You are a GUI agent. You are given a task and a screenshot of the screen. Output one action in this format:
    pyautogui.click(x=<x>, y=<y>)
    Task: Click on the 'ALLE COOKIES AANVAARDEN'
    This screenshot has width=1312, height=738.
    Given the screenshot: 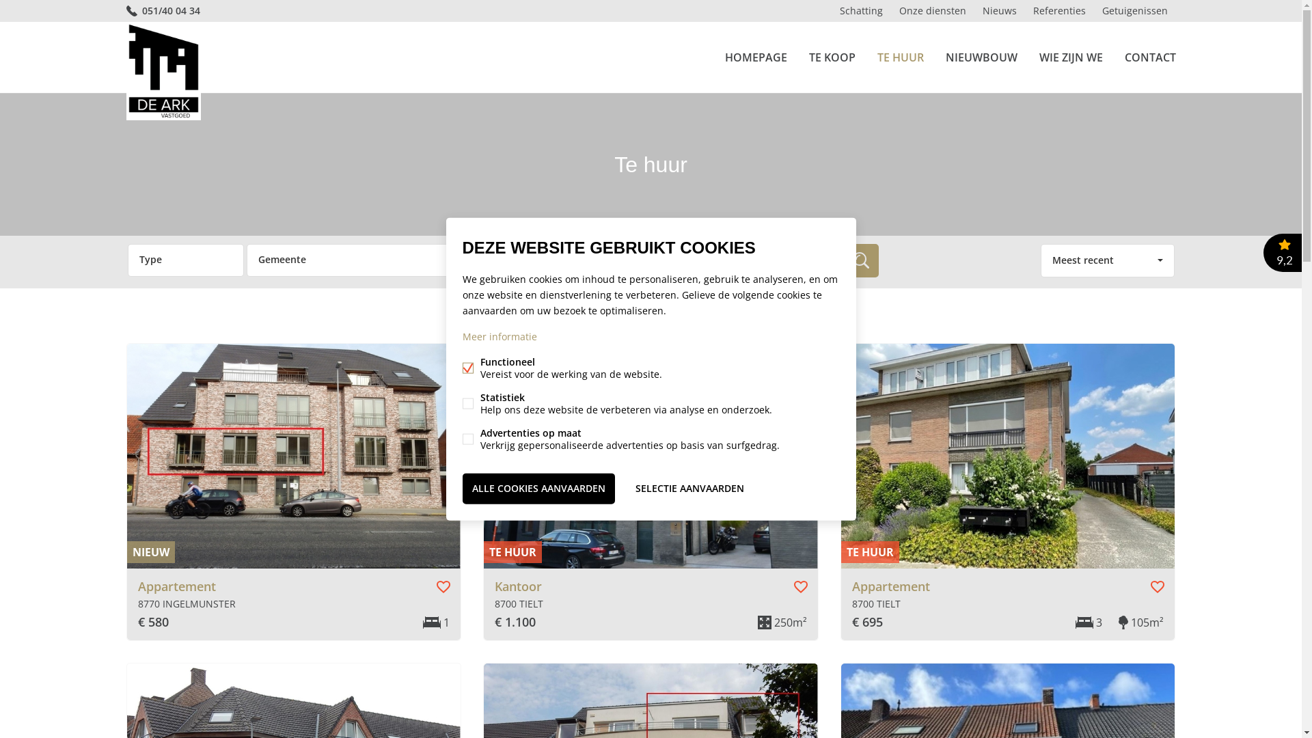 What is the action you would take?
    pyautogui.click(x=462, y=488)
    